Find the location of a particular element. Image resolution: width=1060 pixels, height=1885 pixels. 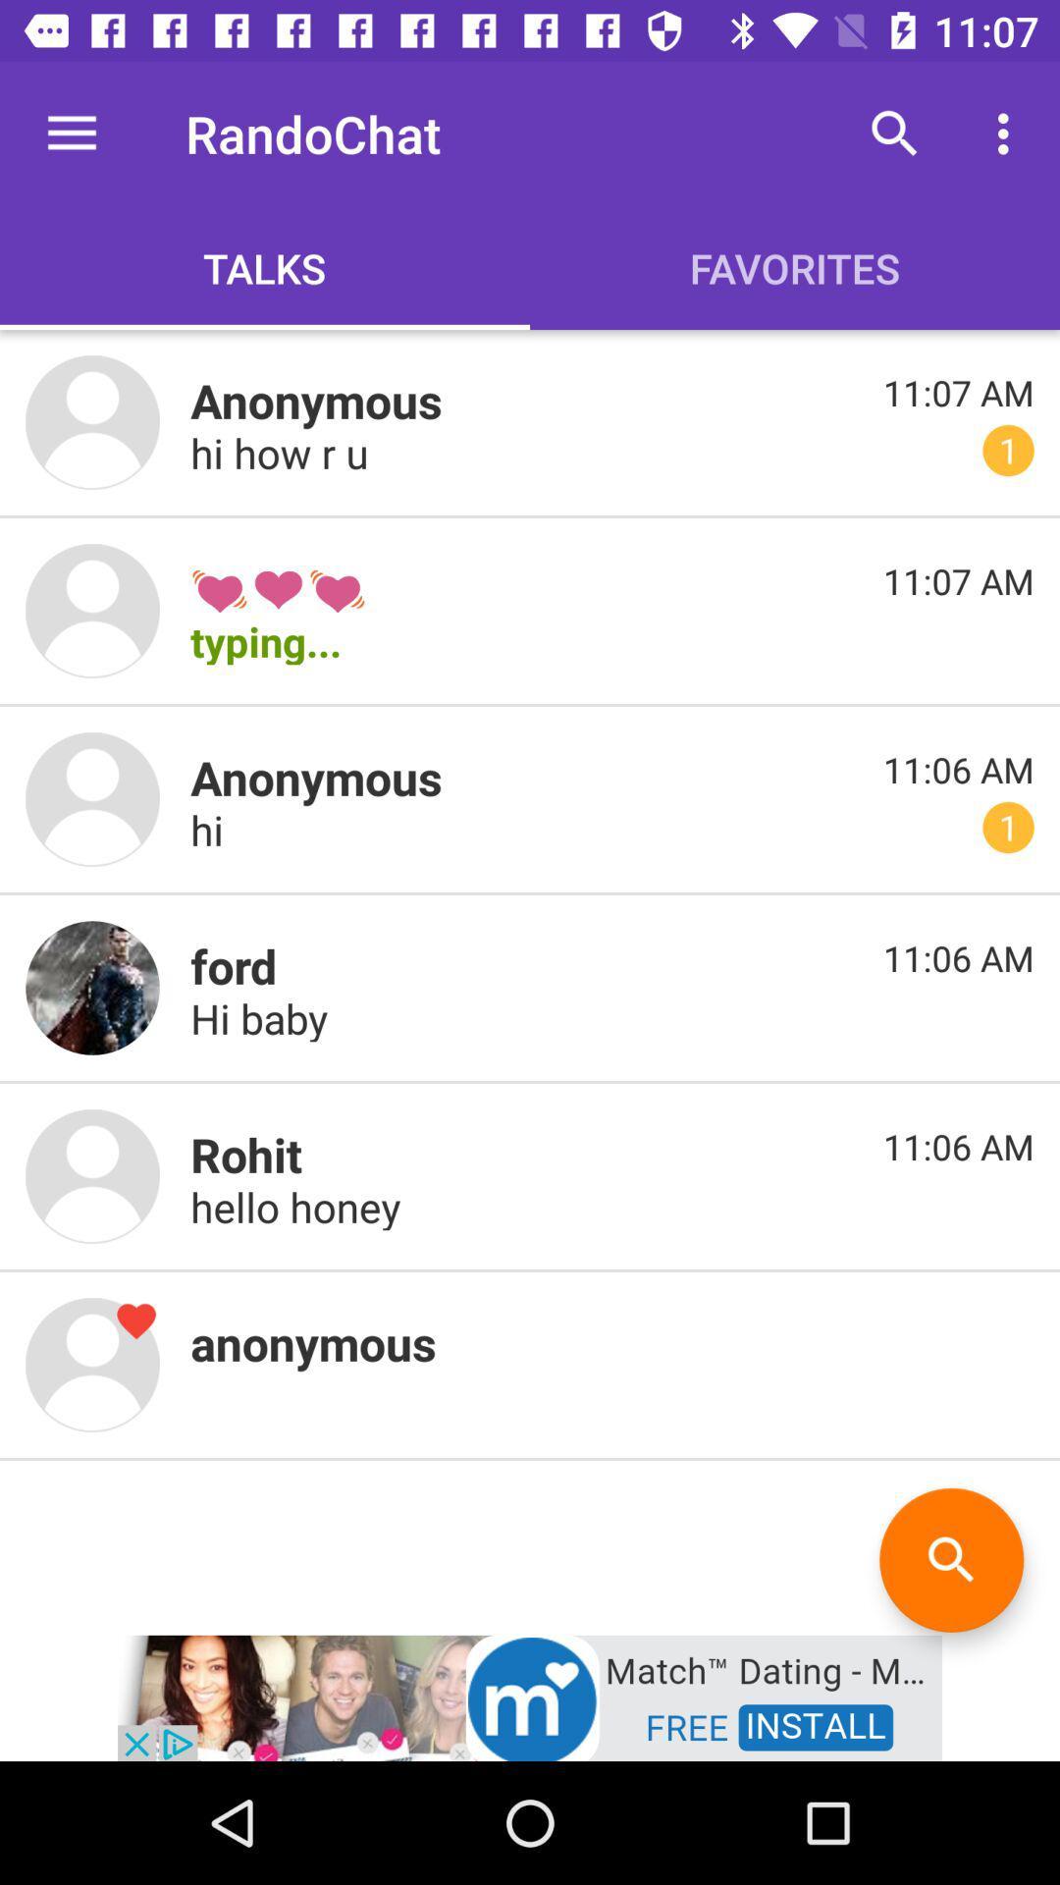

see photo is located at coordinates (92, 610).